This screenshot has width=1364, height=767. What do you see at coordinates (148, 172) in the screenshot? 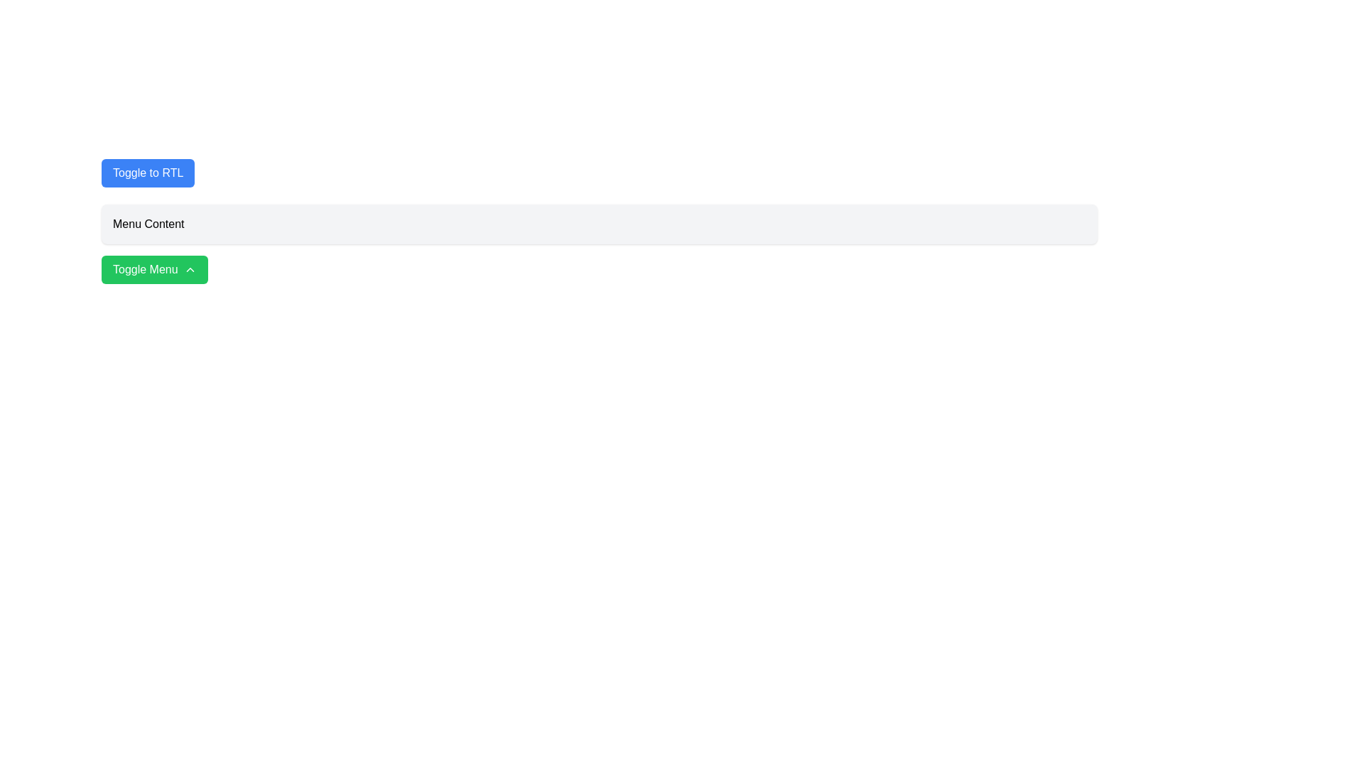
I see `the blue button labeled 'Toggle to RTL'` at bounding box center [148, 172].